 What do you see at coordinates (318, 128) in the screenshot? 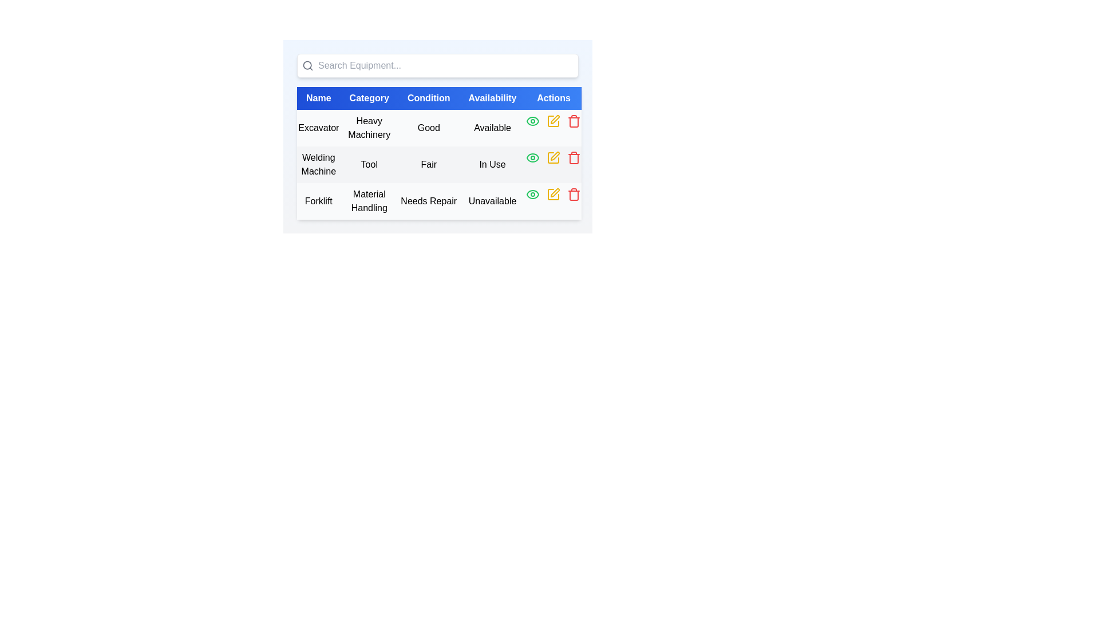
I see `the text element displaying 'Excavator' in black font on a white background` at bounding box center [318, 128].